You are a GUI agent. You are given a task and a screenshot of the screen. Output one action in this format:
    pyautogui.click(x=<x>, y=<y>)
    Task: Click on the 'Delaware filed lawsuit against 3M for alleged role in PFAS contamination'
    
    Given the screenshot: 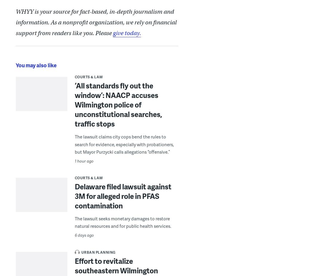 What is the action you would take?
    pyautogui.click(x=123, y=195)
    